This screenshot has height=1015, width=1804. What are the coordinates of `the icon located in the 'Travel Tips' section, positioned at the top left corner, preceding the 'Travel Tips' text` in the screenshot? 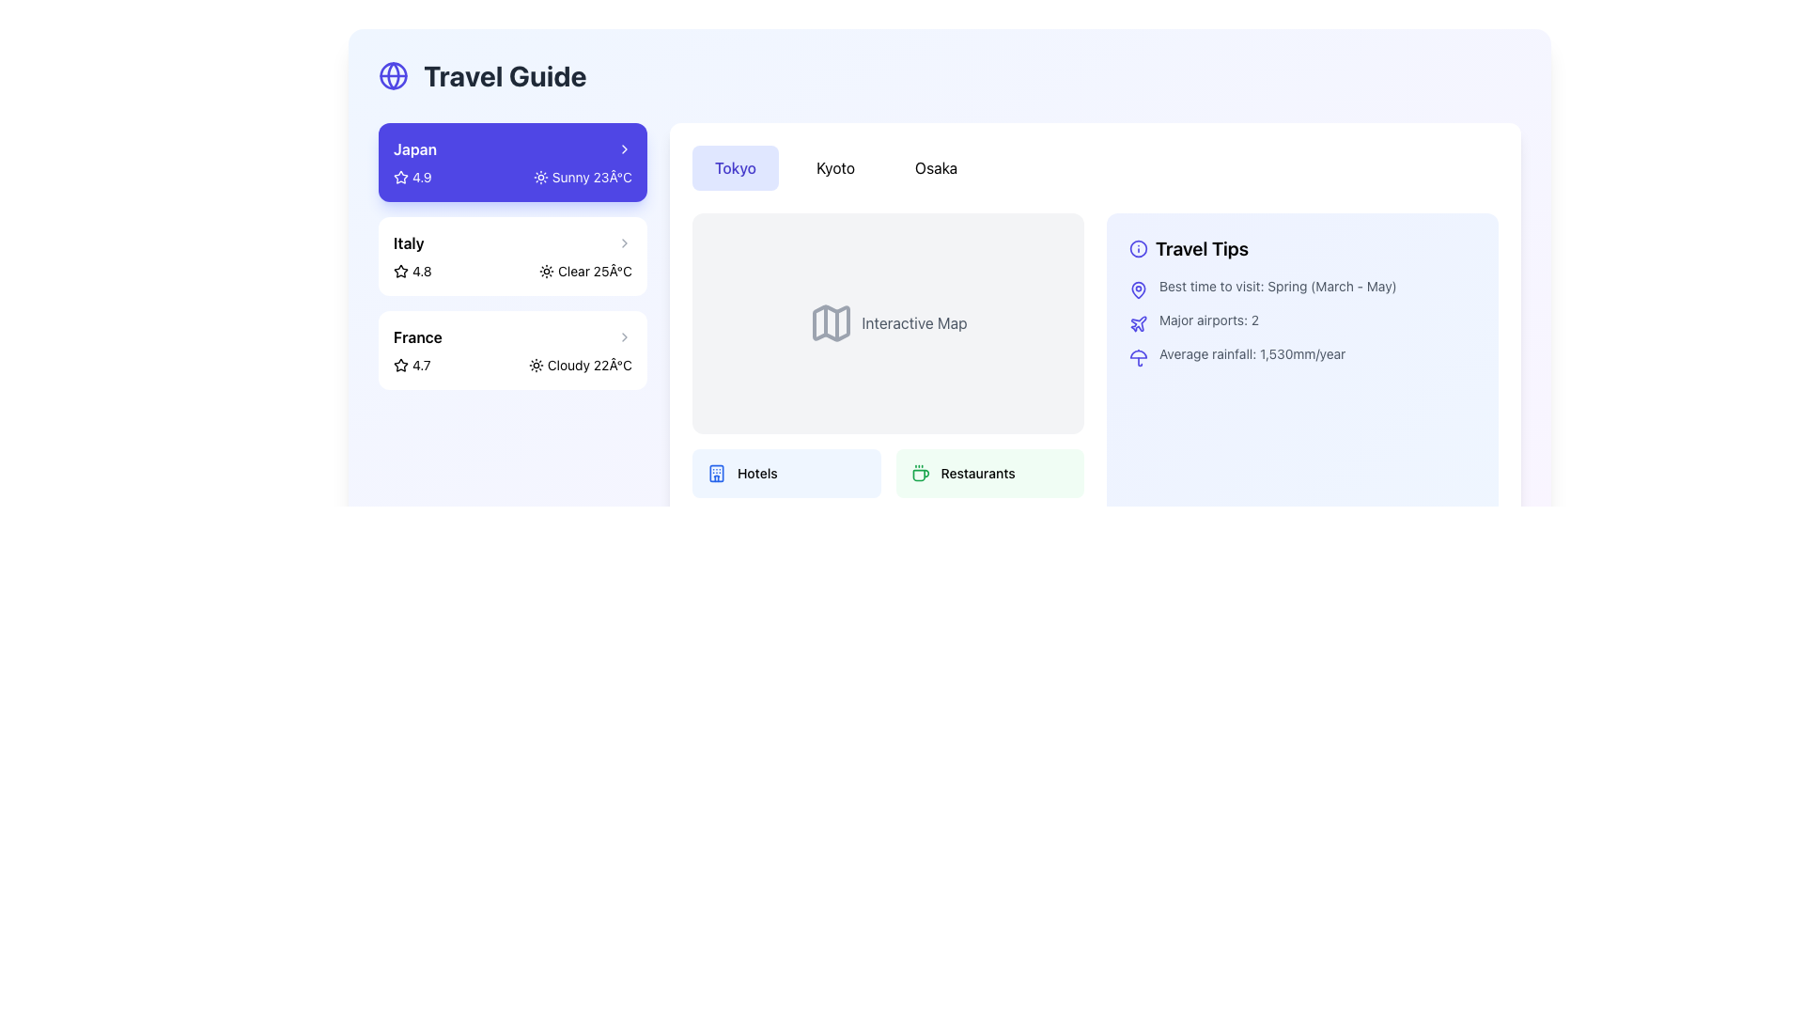 It's located at (1137, 248).